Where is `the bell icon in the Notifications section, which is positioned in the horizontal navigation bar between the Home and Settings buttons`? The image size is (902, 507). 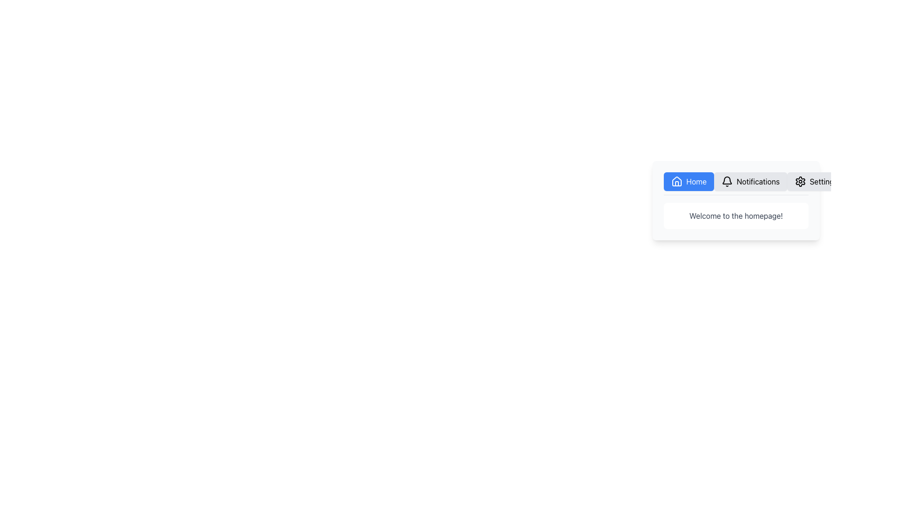
the bell icon in the Notifications section, which is positioned in the horizontal navigation bar between the Home and Settings buttons is located at coordinates (727, 181).